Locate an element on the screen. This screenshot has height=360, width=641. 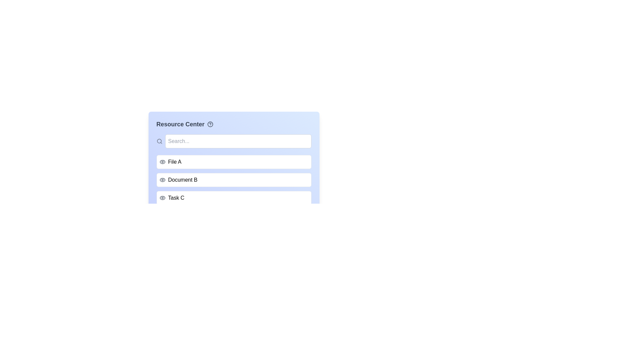
the outer circular boundary of the SVG icon associated with the 'Resource Center' title to indicate help or support functionality is located at coordinates (210, 124).